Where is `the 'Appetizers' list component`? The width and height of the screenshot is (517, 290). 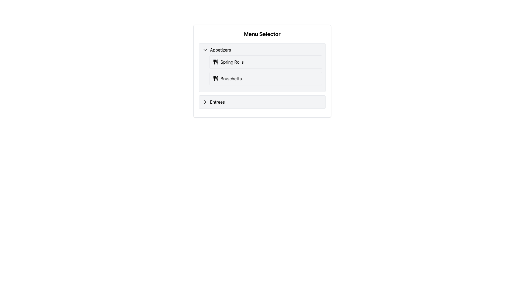 the 'Appetizers' list component is located at coordinates (262, 76).